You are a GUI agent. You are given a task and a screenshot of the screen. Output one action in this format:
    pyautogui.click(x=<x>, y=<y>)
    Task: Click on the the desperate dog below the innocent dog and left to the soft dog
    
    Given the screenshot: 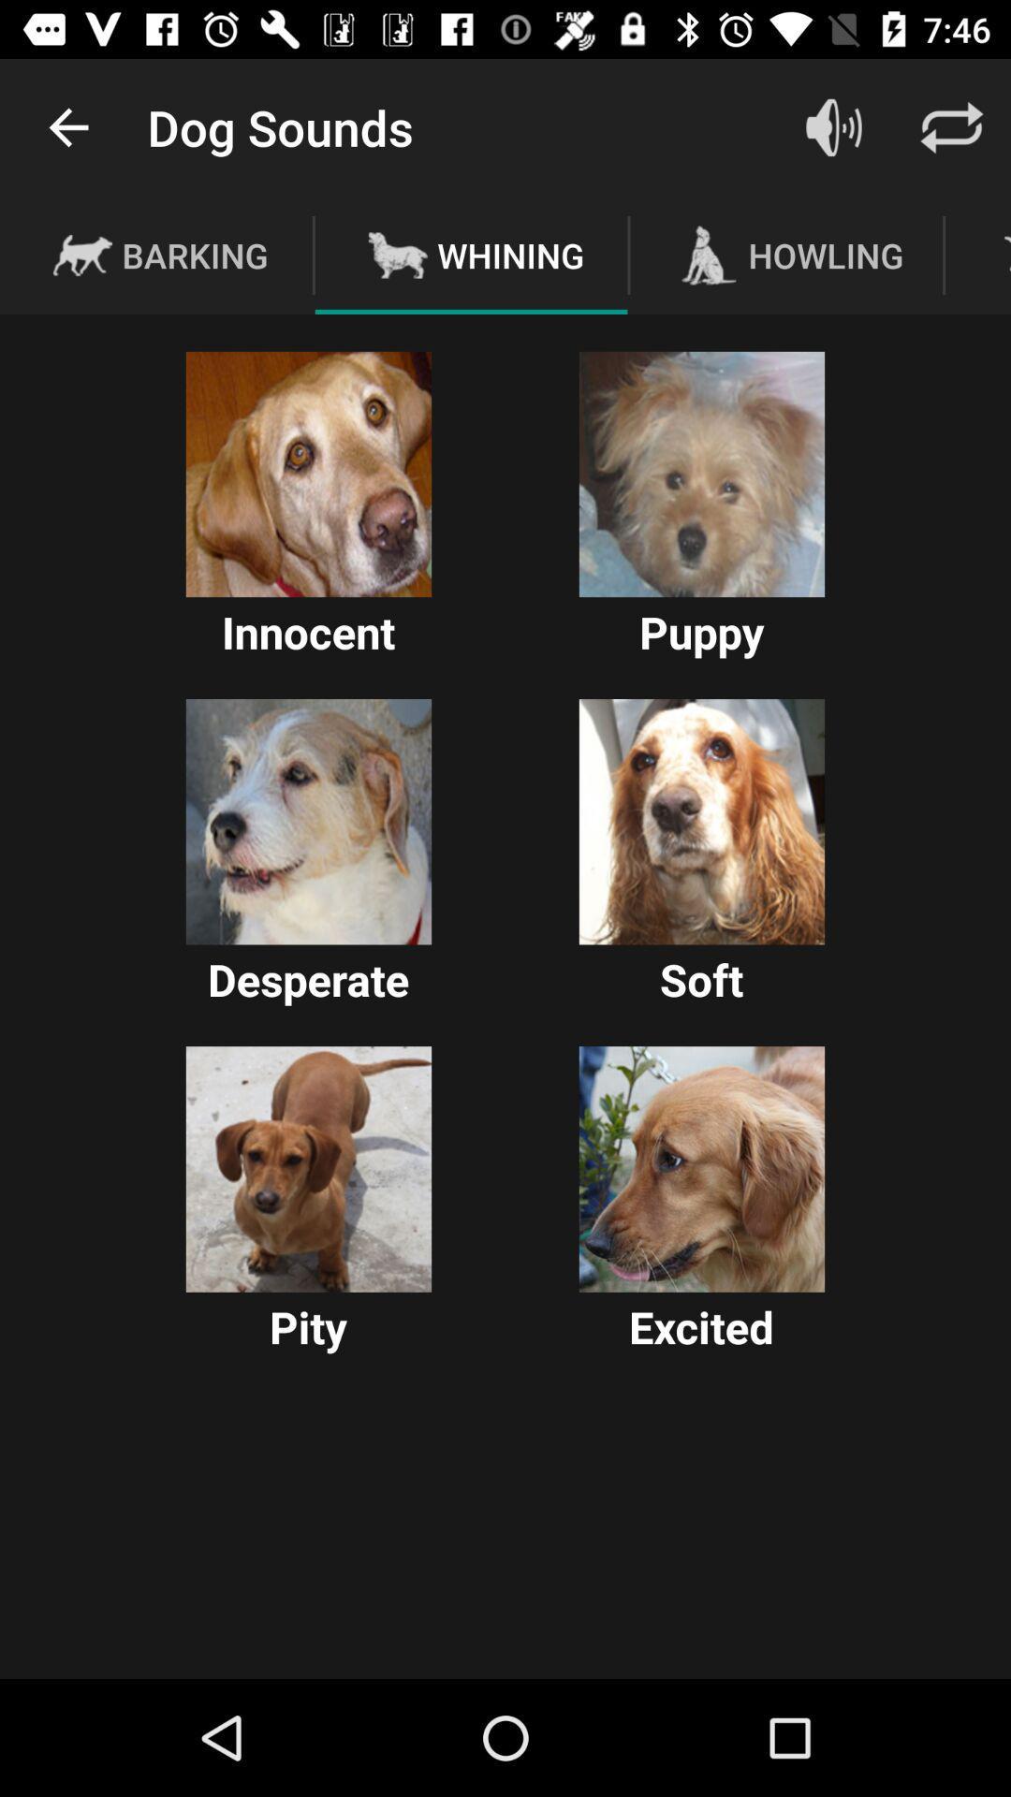 What is the action you would take?
    pyautogui.click(x=308, y=822)
    